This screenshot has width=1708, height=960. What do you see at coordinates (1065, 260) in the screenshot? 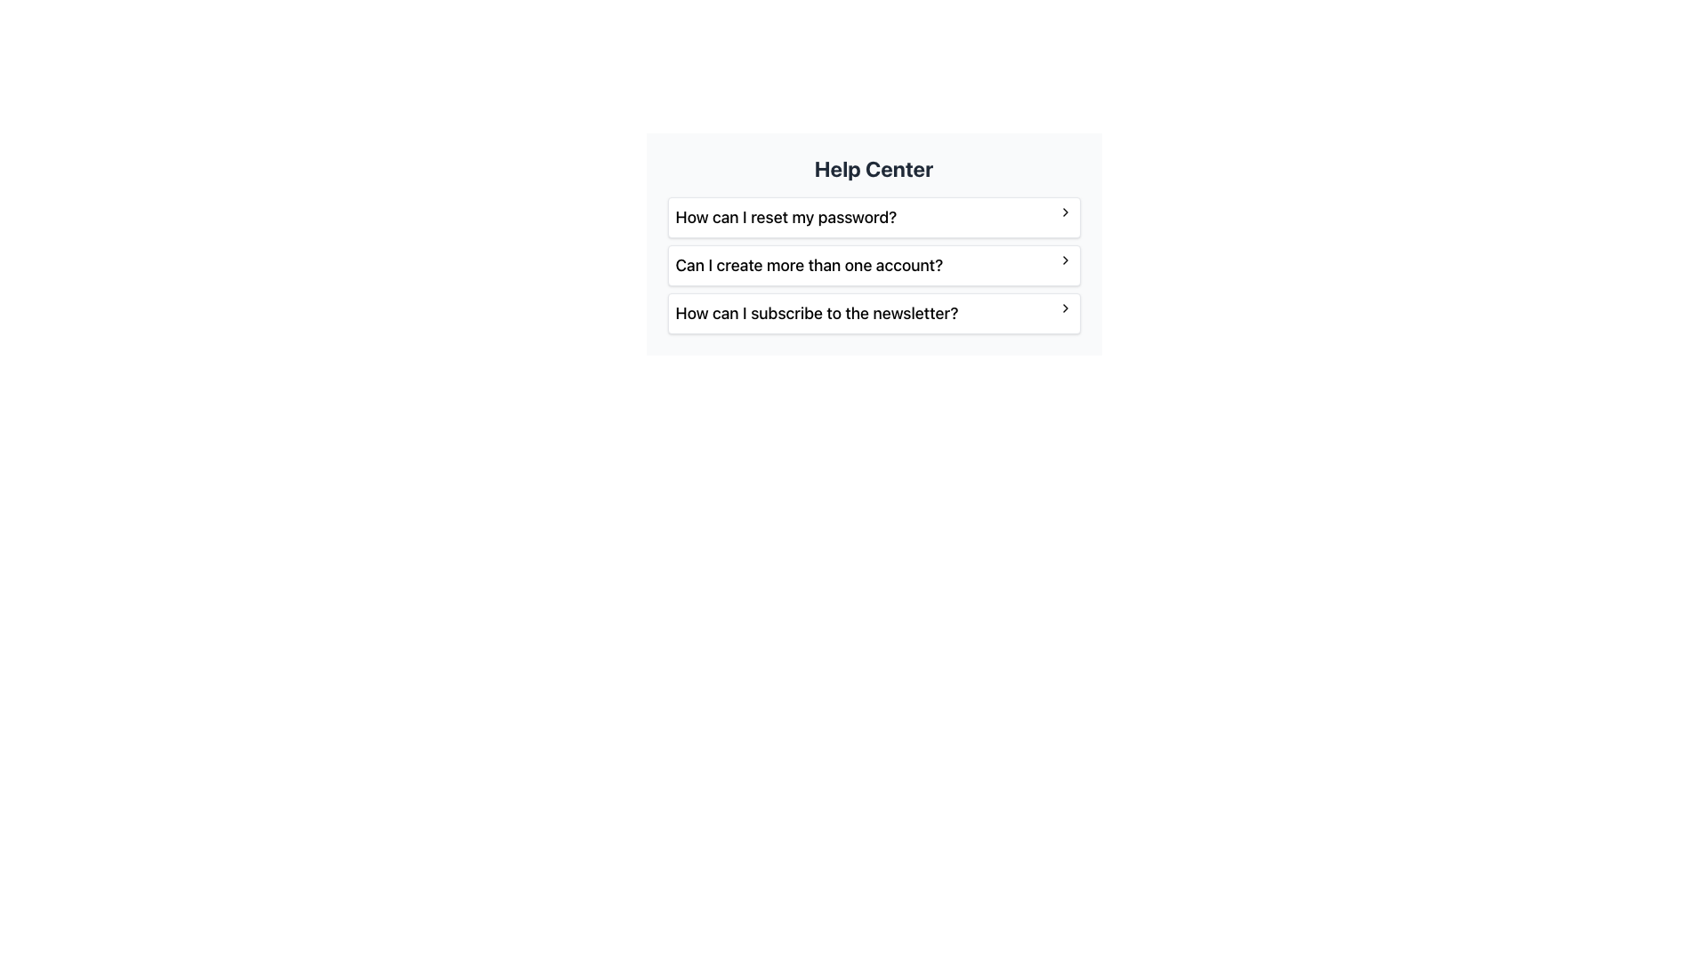
I see `the expandable icon located to the far right of the text 'Can I create more than one account?', which indicates that the row has associated content` at bounding box center [1065, 260].